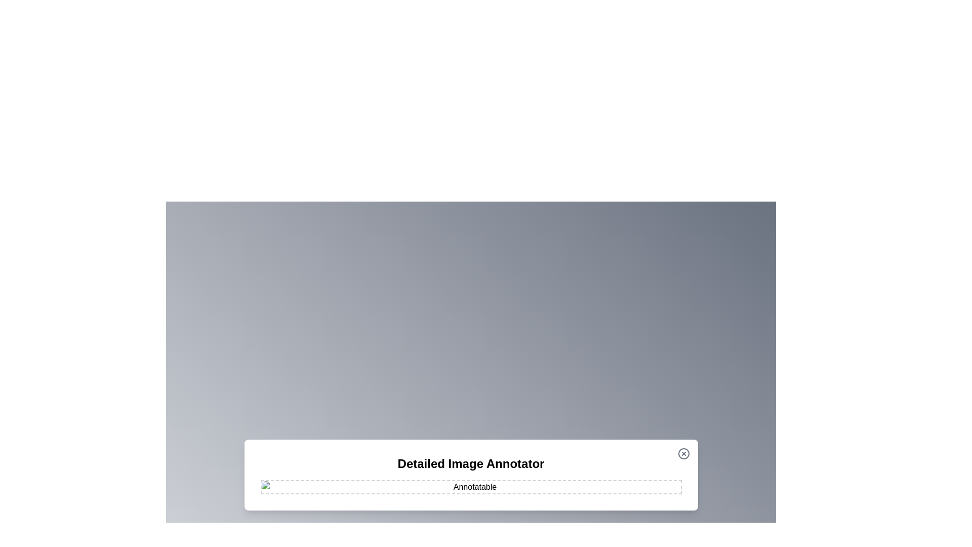 The image size is (972, 547). I want to click on the image at coordinates (1249, 968) to add an annotation, so click(631, 490).